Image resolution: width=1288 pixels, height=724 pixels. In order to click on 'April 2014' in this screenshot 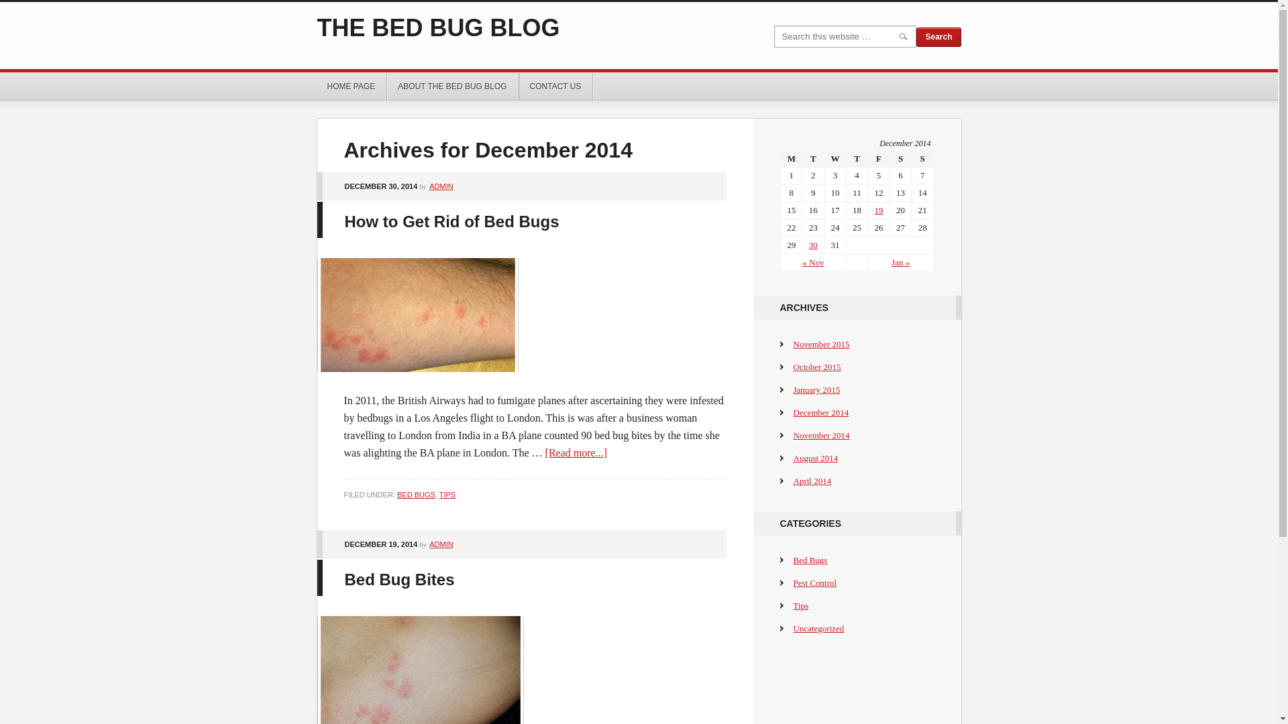, I will do `click(811, 480)`.